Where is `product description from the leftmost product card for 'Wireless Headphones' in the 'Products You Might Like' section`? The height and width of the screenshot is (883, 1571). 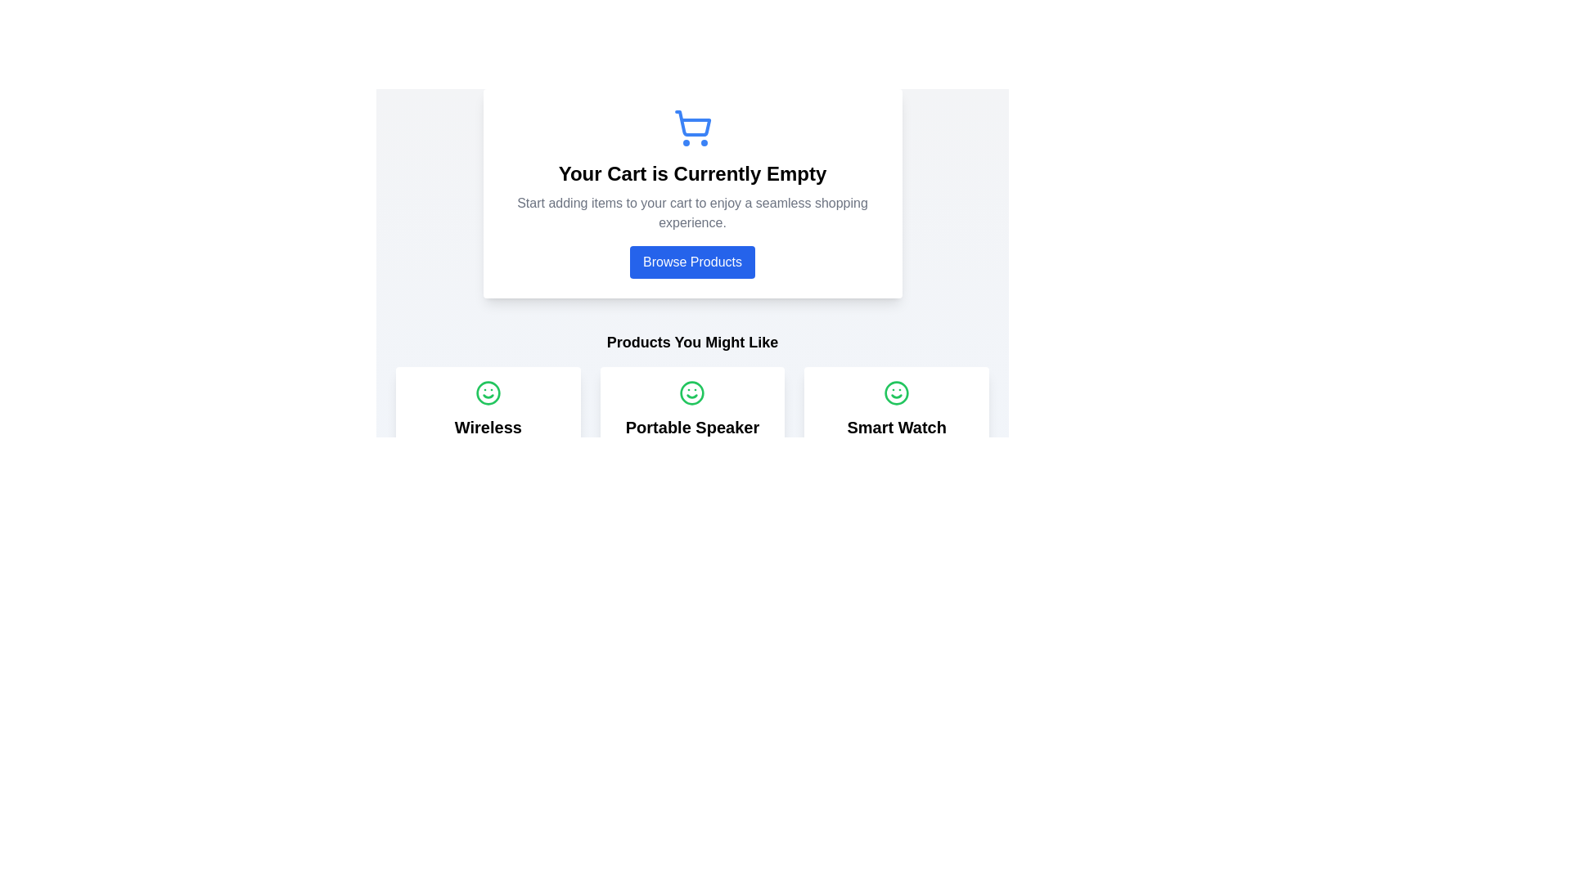 product description from the leftmost product card for 'Wireless Headphones' in the 'Products You Might Like' section is located at coordinates (487, 448).